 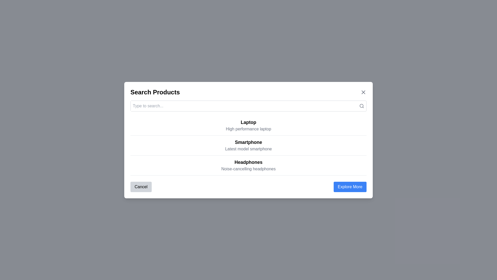 What do you see at coordinates (361, 105) in the screenshot?
I see `the body of the magnifying glass icon, which is located at the far-right of the search input field within the header of a modal dialog` at bounding box center [361, 105].